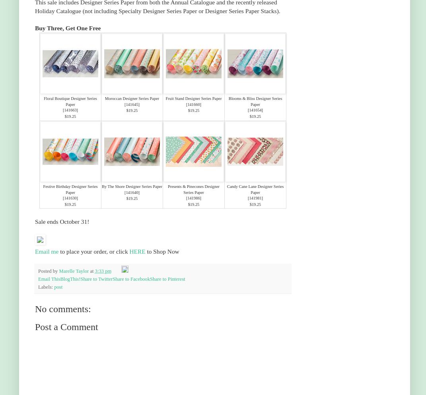 This screenshot has width=426, height=395. I want to click on 'BlogThis!', so click(70, 279).